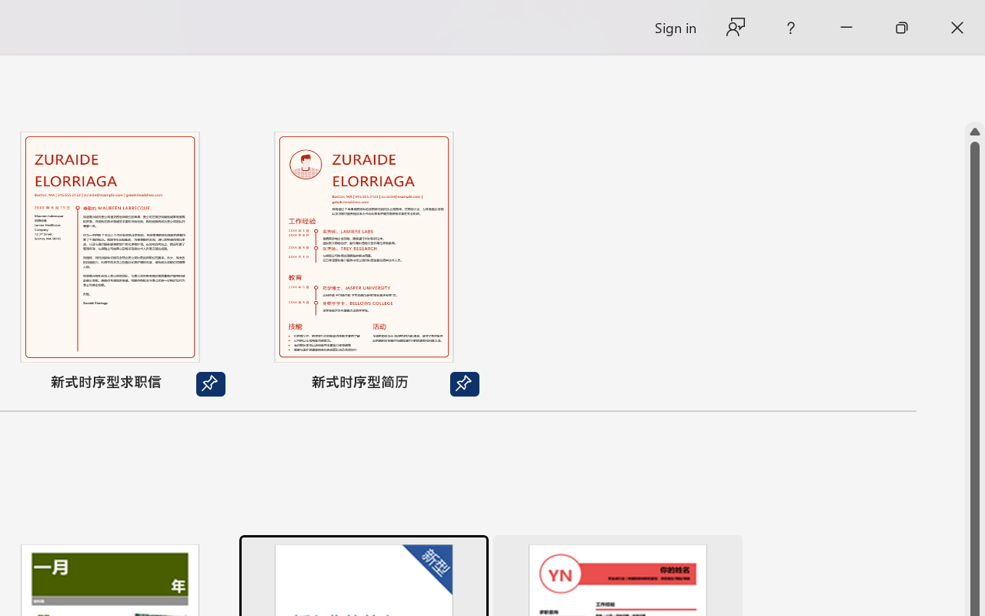  What do you see at coordinates (464, 384) in the screenshot?
I see `'Unpin from list'` at bounding box center [464, 384].